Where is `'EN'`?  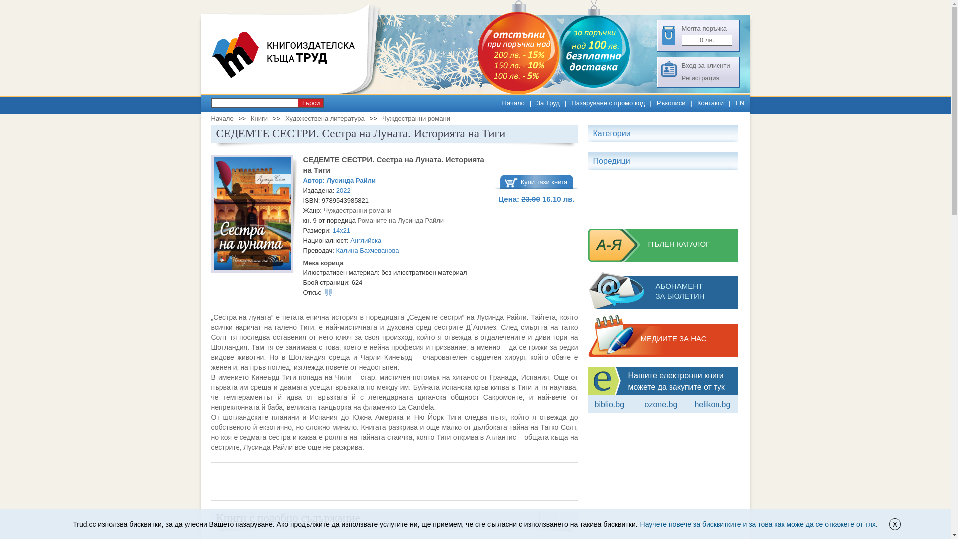 'EN' is located at coordinates (740, 103).